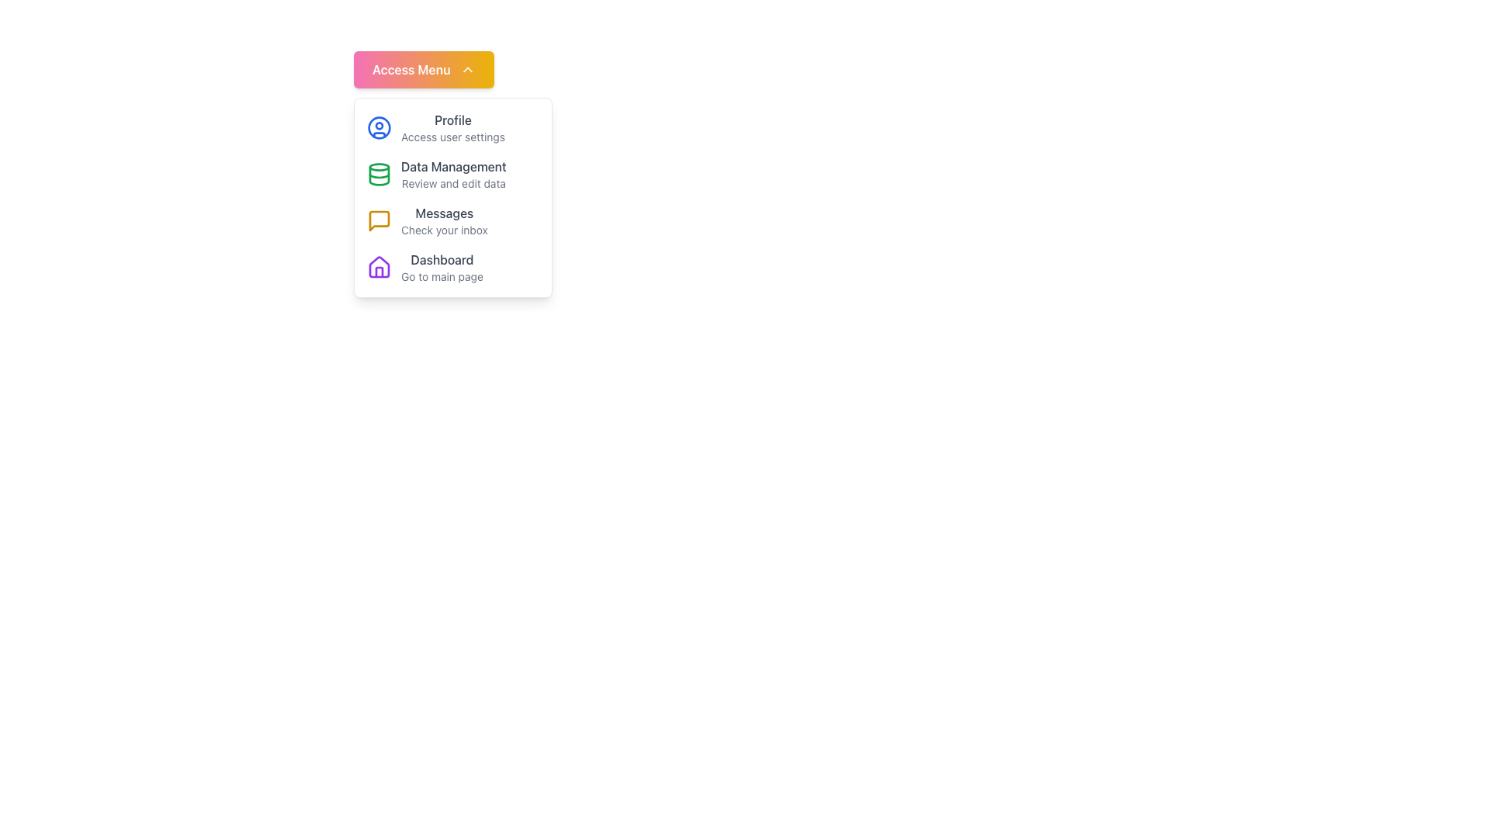  I want to click on description of the text 'Review and edit data' located beneath the 'Data Management' heading in the dropdown menu, so click(452, 182).